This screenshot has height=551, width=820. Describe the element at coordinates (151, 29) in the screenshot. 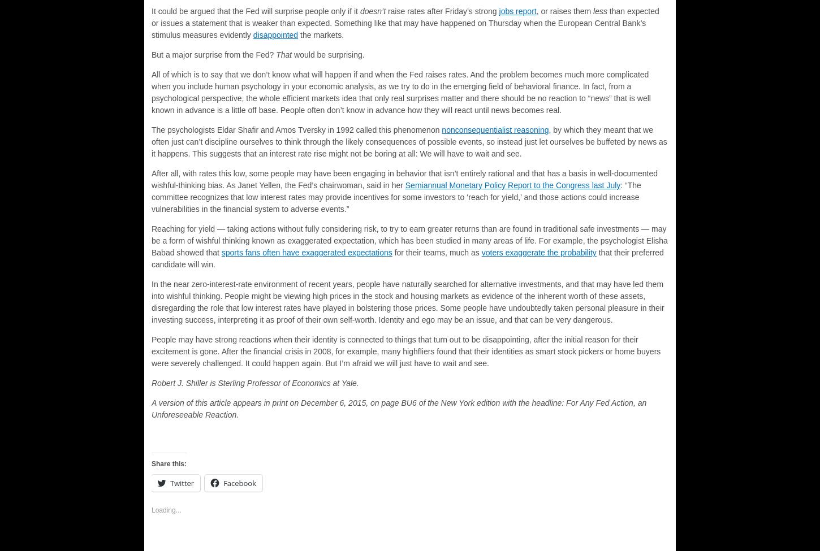

I see `'when the European Central Bank’s stimulus measures evidently'` at that location.